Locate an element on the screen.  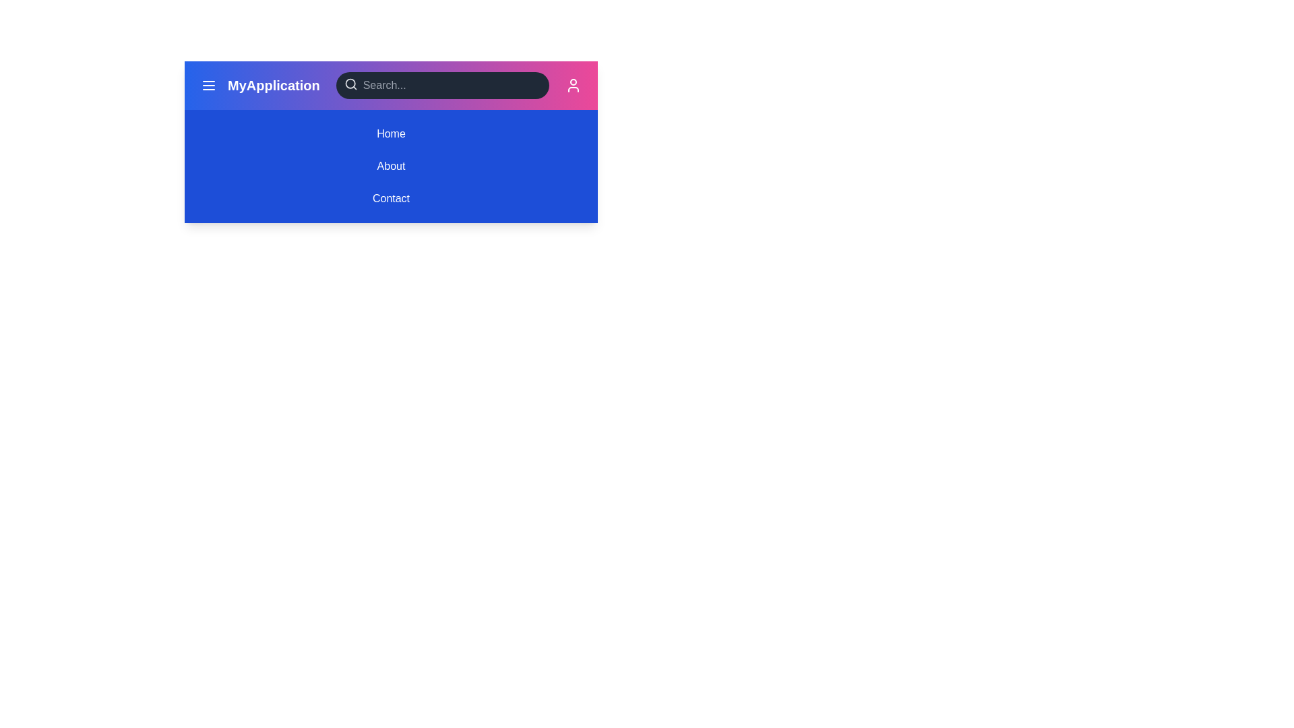
the user icon to access user options is located at coordinates (573, 86).